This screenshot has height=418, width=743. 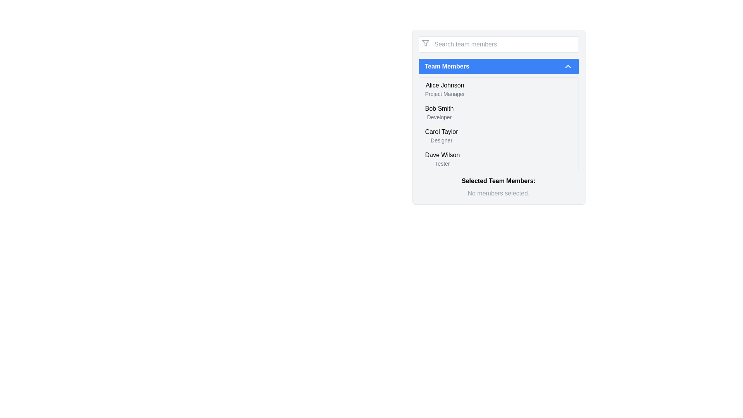 What do you see at coordinates (442, 140) in the screenshot?
I see `the text label displaying 'Designer', which is located underneath 'Carol Taylor' within the 'Team Members' dropdown list` at bounding box center [442, 140].